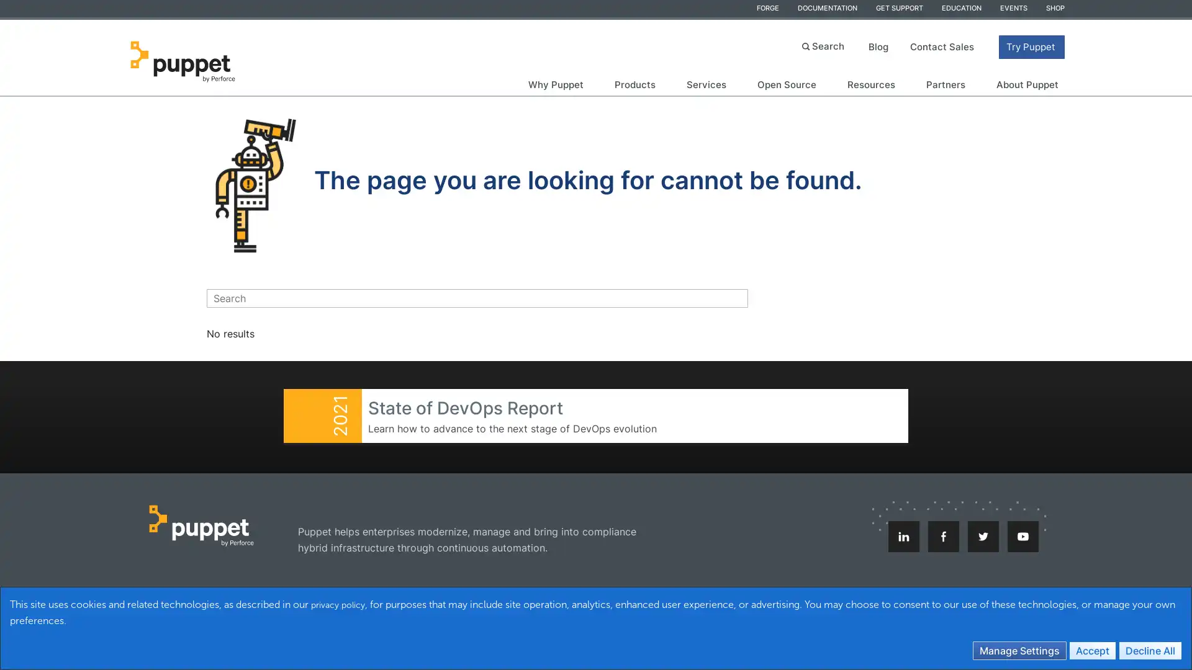  I want to click on Search, so click(824, 45).